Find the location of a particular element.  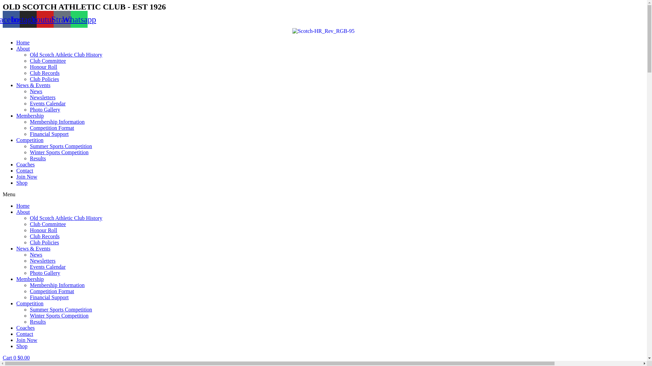

'Youtube' is located at coordinates (45, 19).